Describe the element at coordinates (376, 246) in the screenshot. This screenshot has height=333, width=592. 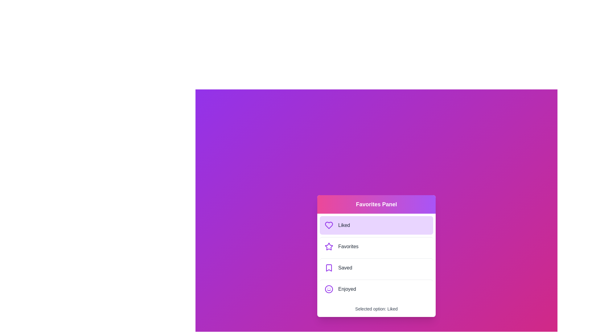
I see `the menu option corresponding to Favorites in the FavoritesMenu` at that location.